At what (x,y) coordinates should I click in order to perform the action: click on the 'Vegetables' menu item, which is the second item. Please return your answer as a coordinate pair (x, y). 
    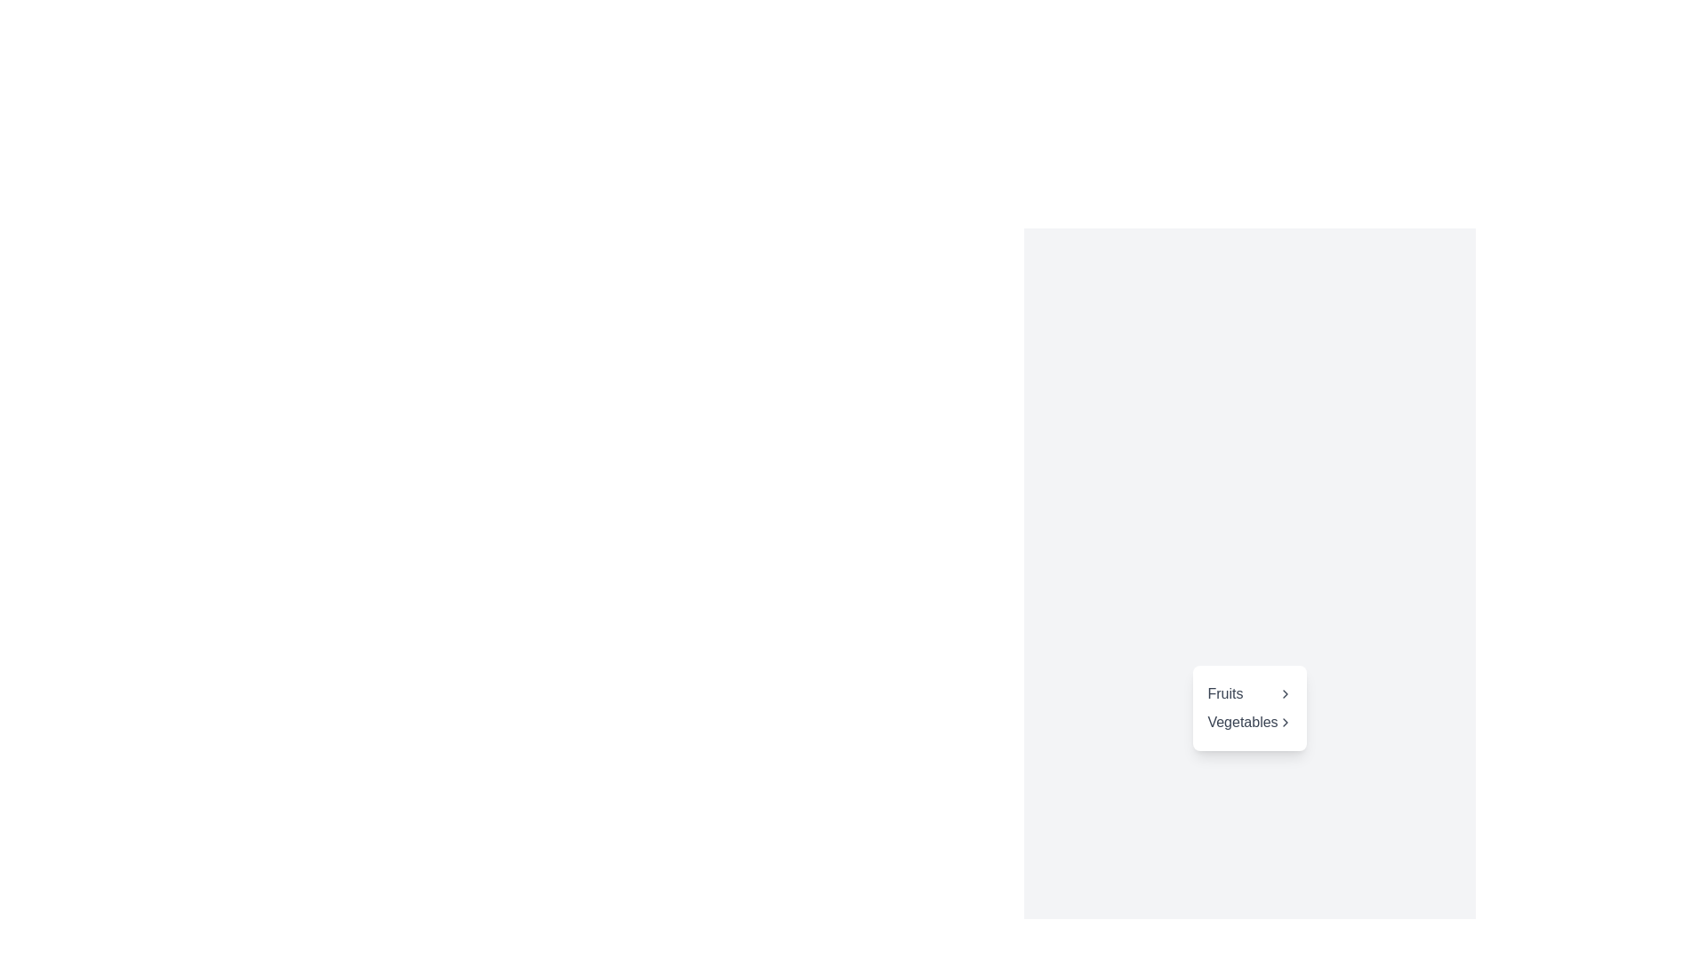
    Looking at the image, I should click on (1249, 723).